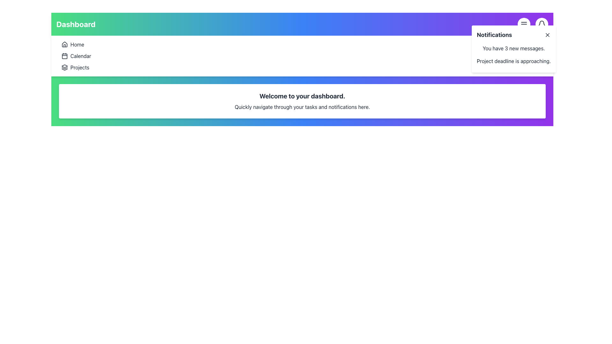  I want to click on the calendar icon, which is styled with a black outline and white fill, located in the vertical sidebar navigation to the left of the 'Calendar' label, so click(64, 56).